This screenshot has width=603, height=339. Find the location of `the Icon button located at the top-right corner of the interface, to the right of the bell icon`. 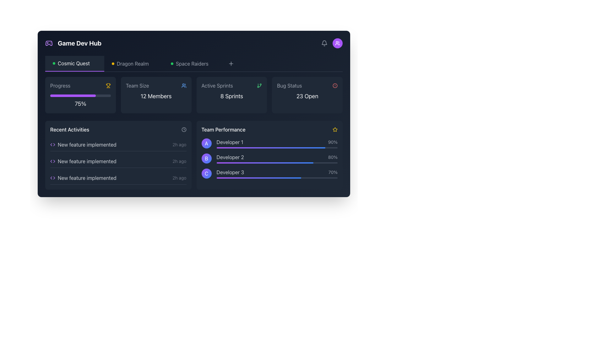

the Icon button located at the top-right corner of the interface, to the right of the bell icon is located at coordinates (337, 43).